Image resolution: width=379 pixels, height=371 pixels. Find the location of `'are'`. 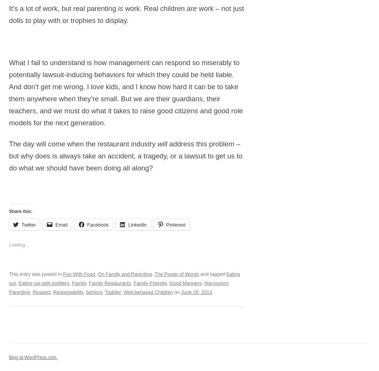

'are' is located at coordinates (191, 8).